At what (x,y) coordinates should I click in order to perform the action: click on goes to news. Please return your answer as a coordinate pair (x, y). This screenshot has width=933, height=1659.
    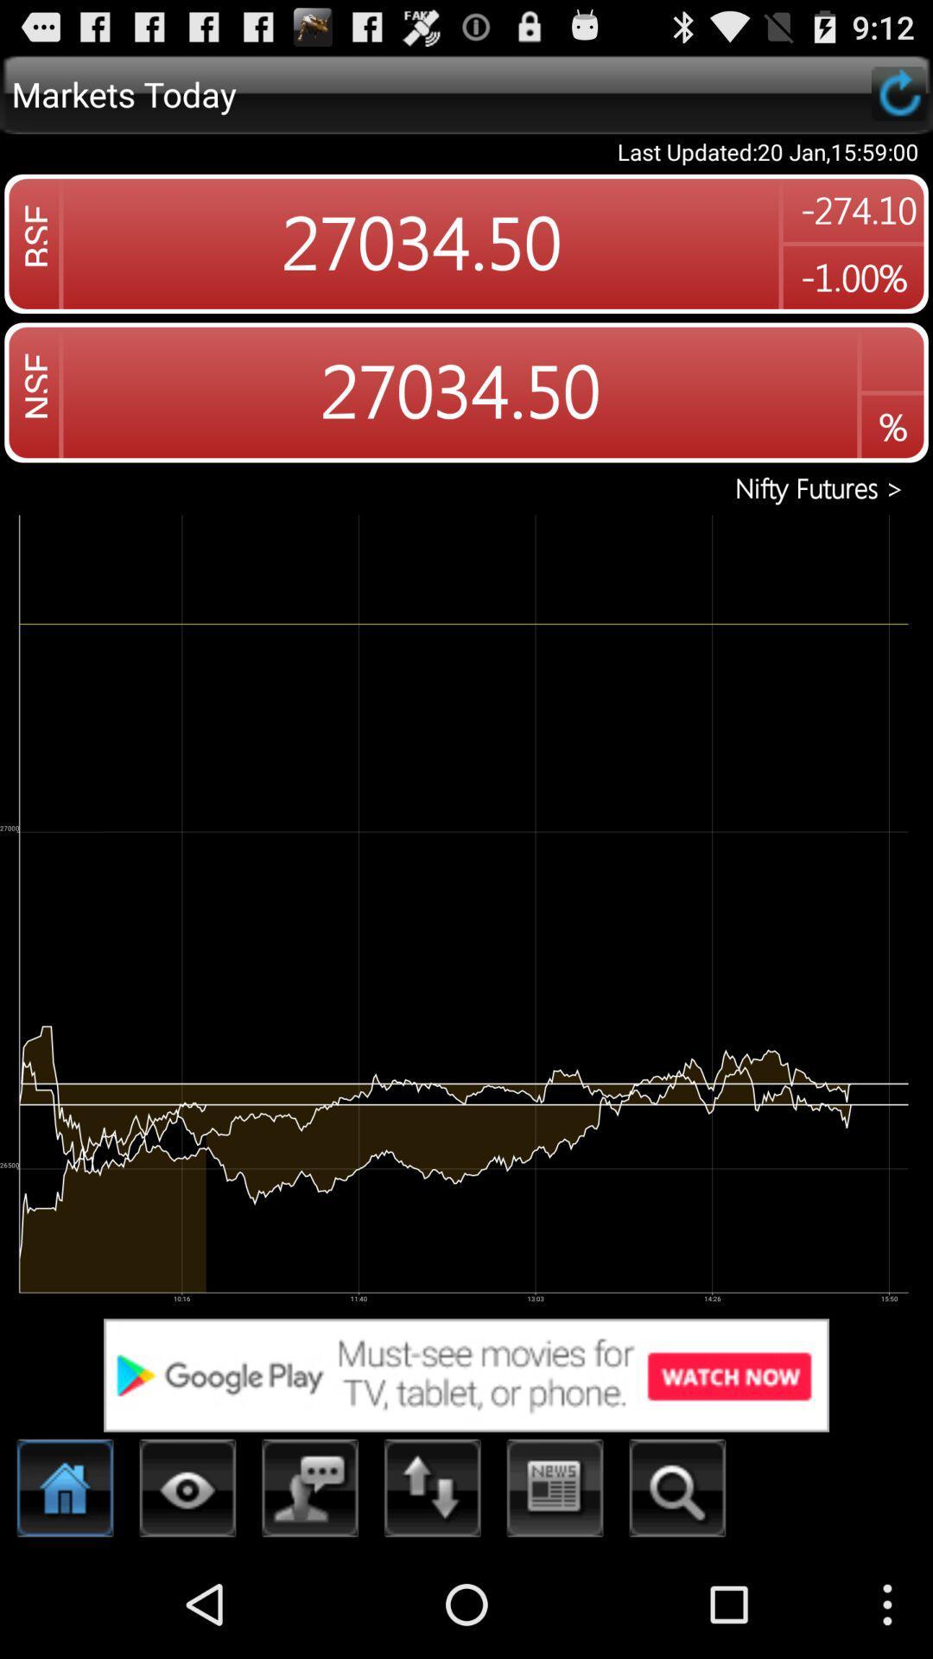
    Looking at the image, I should click on (555, 1492).